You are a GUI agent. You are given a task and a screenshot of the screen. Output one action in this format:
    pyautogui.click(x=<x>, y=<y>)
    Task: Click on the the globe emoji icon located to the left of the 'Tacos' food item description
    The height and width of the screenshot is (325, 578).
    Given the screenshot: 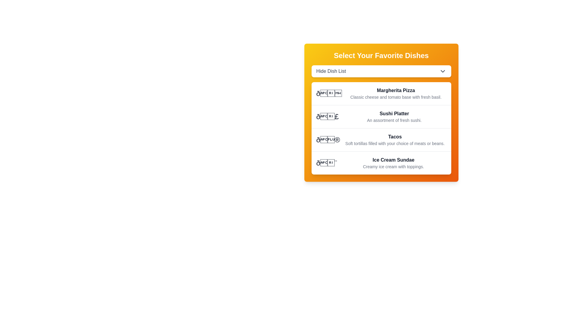 What is the action you would take?
    pyautogui.click(x=328, y=140)
    